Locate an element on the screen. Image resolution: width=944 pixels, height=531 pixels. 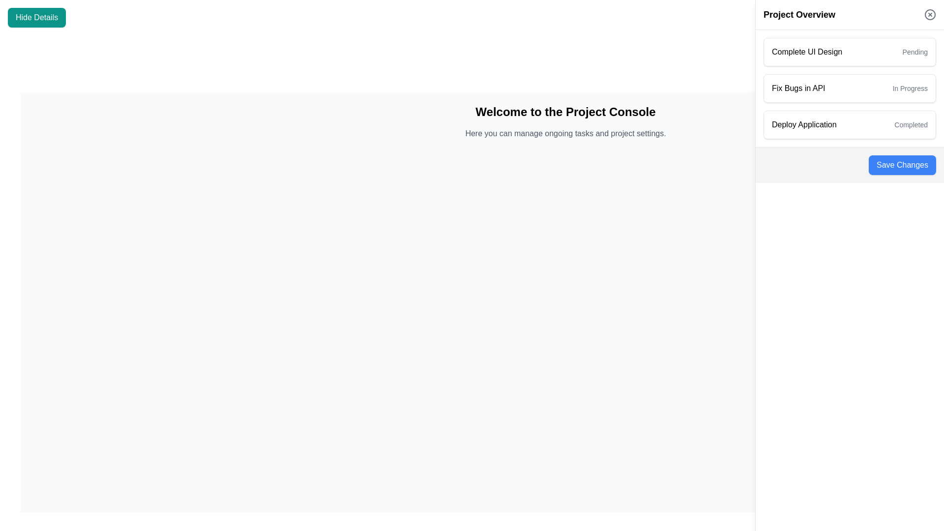
the save button located in the 'Project Overview' section at the lower-right corner of the panel is located at coordinates (902, 164).